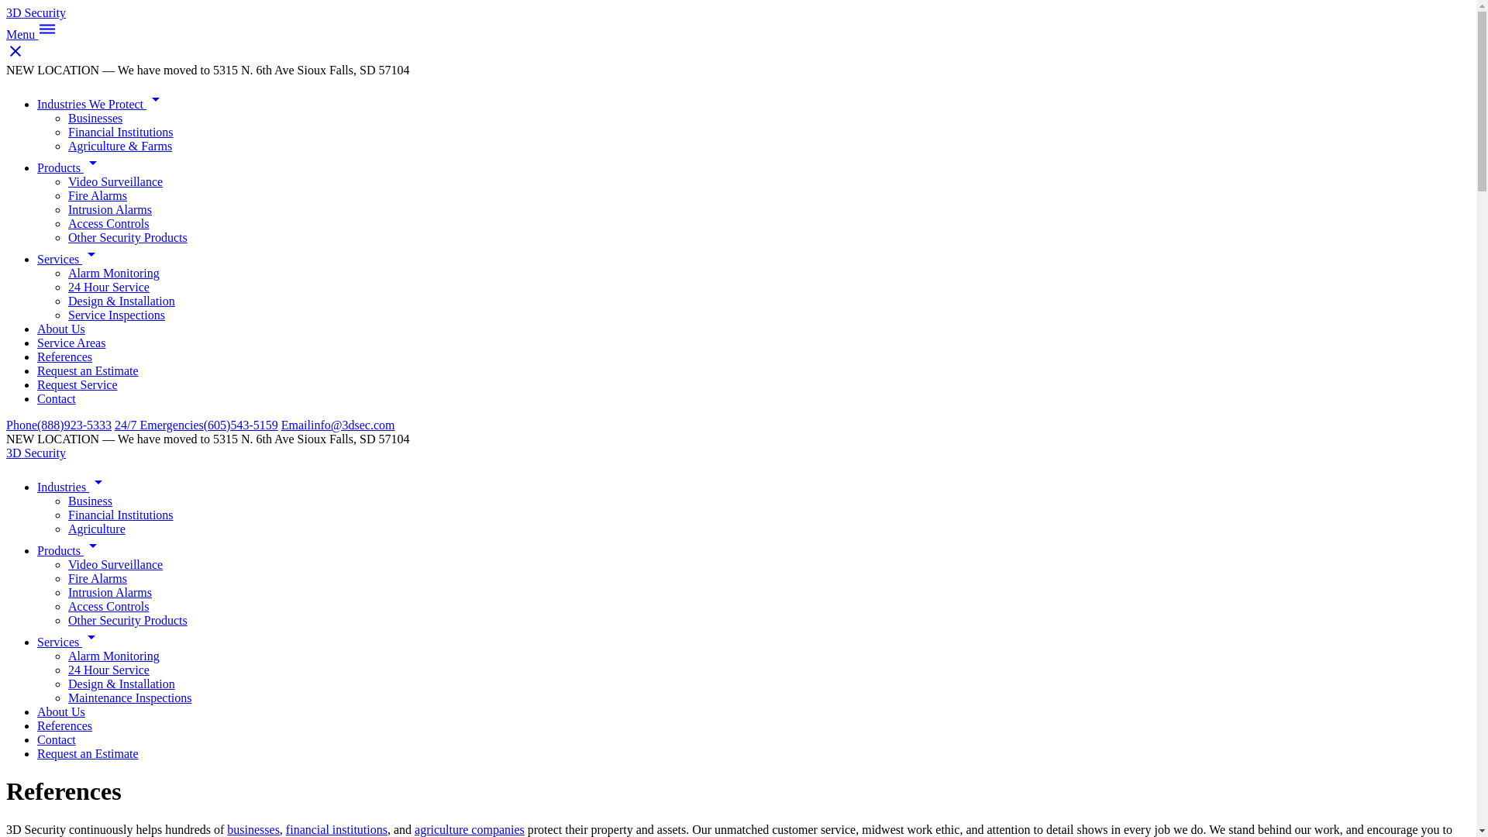 The width and height of the screenshot is (1488, 837). Describe the element at coordinates (87, 753) in the screenshot. I see `'Request an Estimate'` at that location.